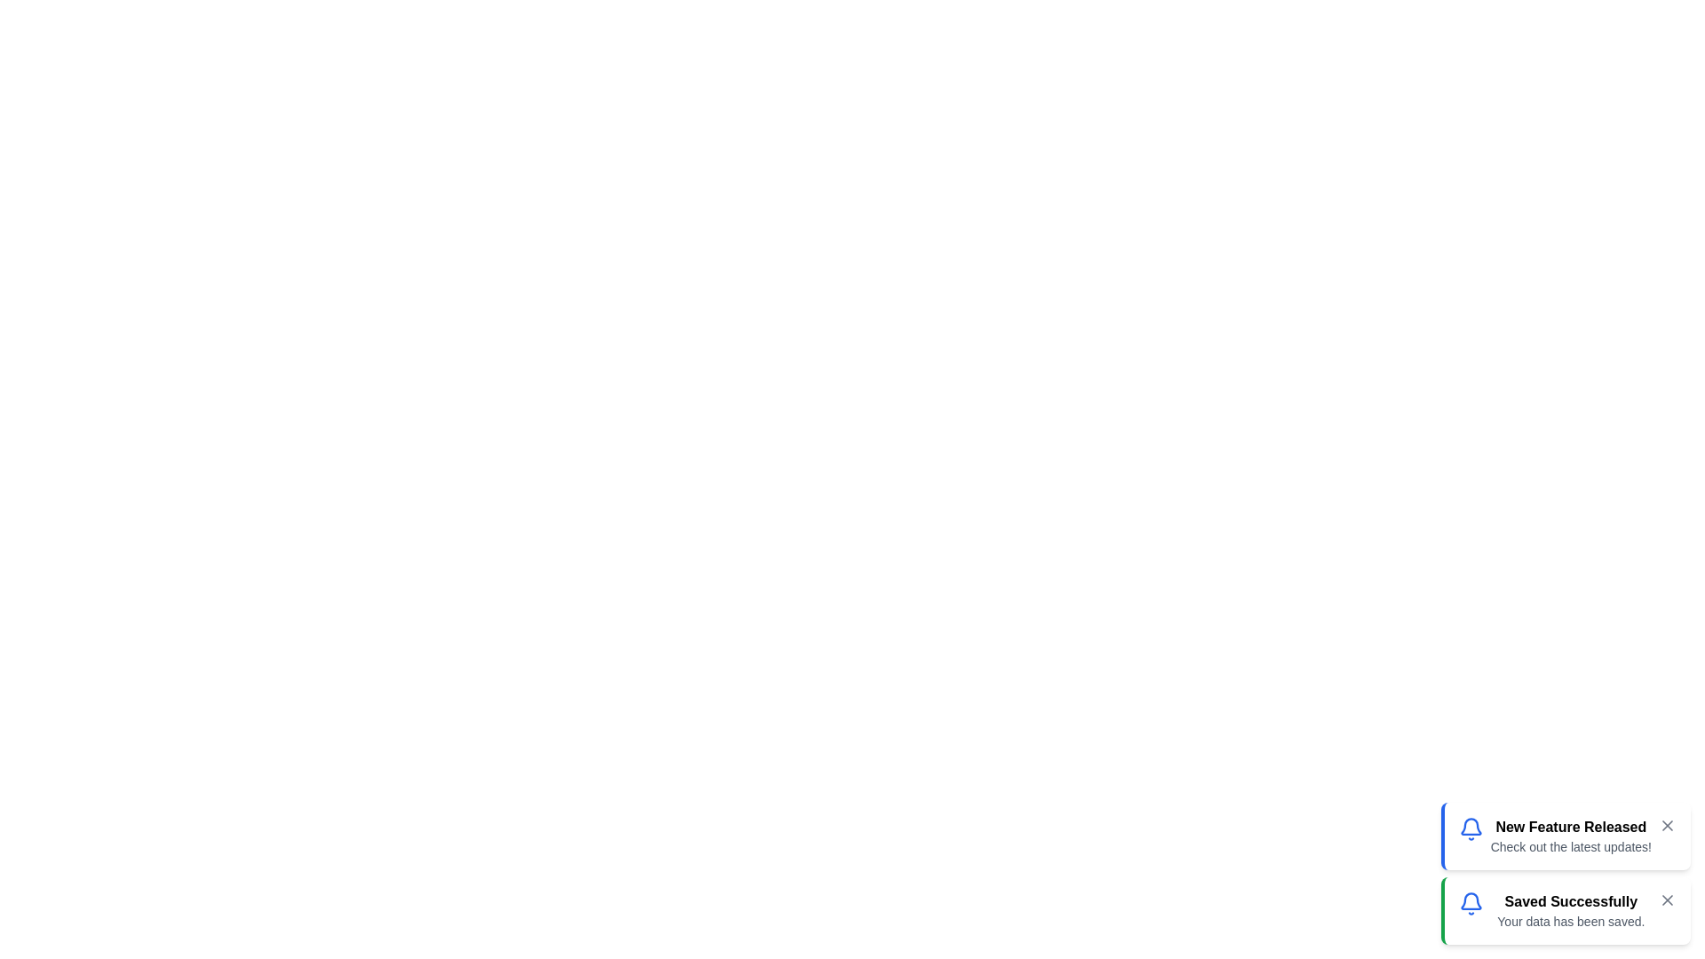 The image size is (1705, 959). I want to click on message displayed in the text label saying 'Your data has been saved.' which is styled in a smaller, lighter gray font within a notification card, so click(1571, 920).